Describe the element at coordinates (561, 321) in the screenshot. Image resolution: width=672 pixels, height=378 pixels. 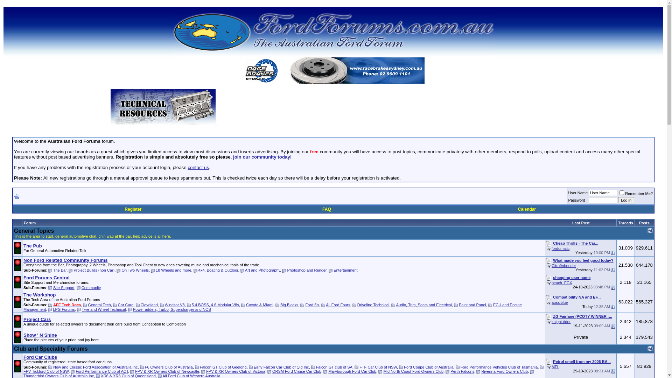
I see `'knight rider'` at that location.